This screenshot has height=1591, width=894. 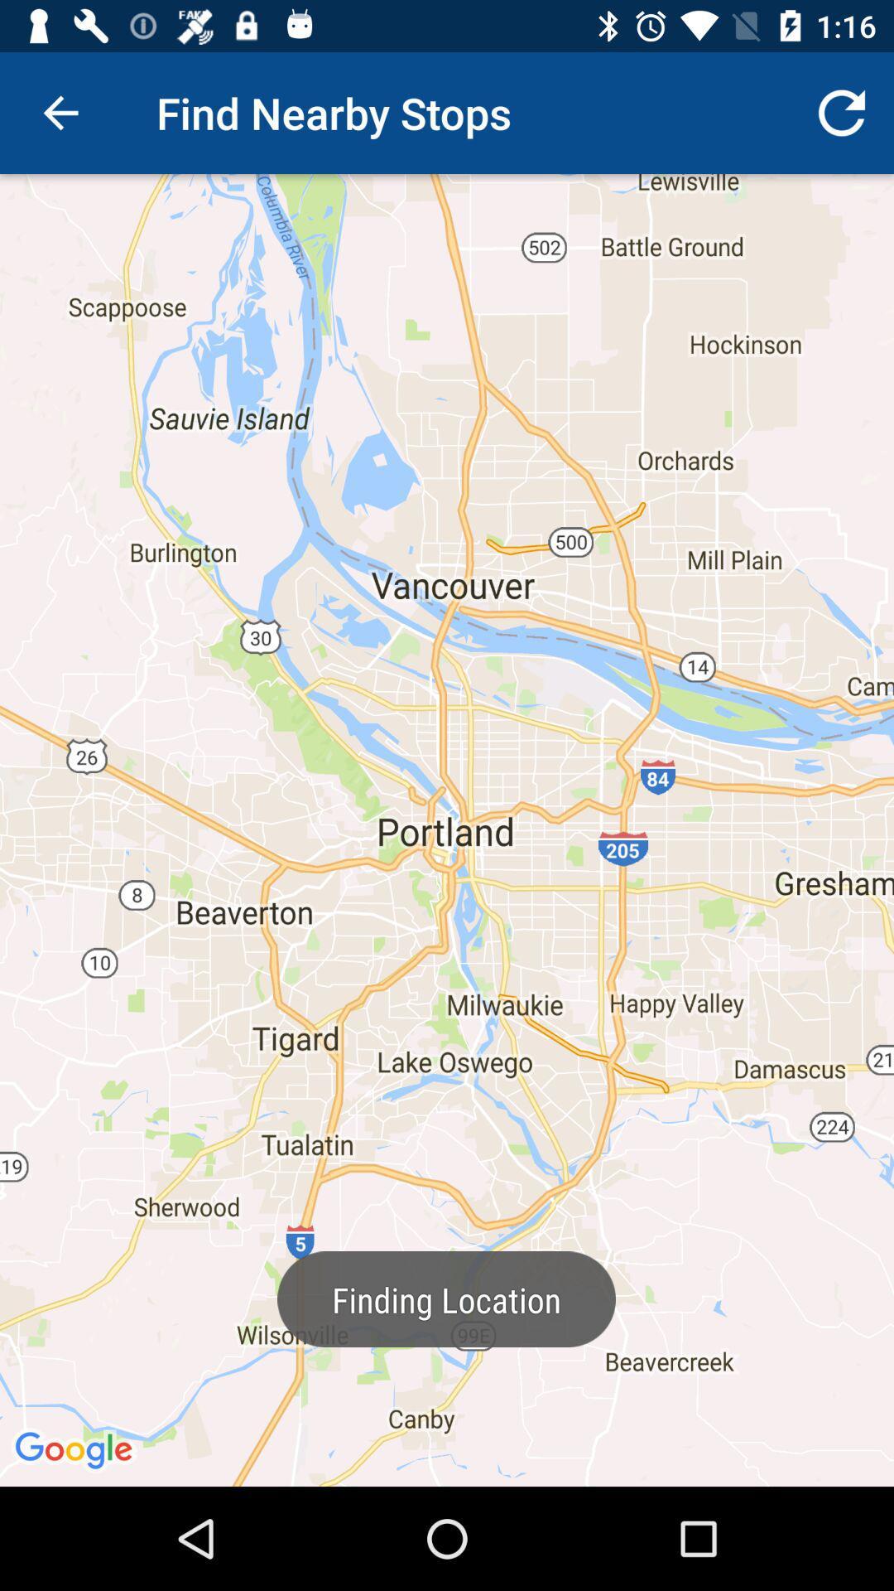 What do you see at coordinates (60, 112) in the screenshot?
I see `the item at the top left corner` at bounding box center [60, 112].